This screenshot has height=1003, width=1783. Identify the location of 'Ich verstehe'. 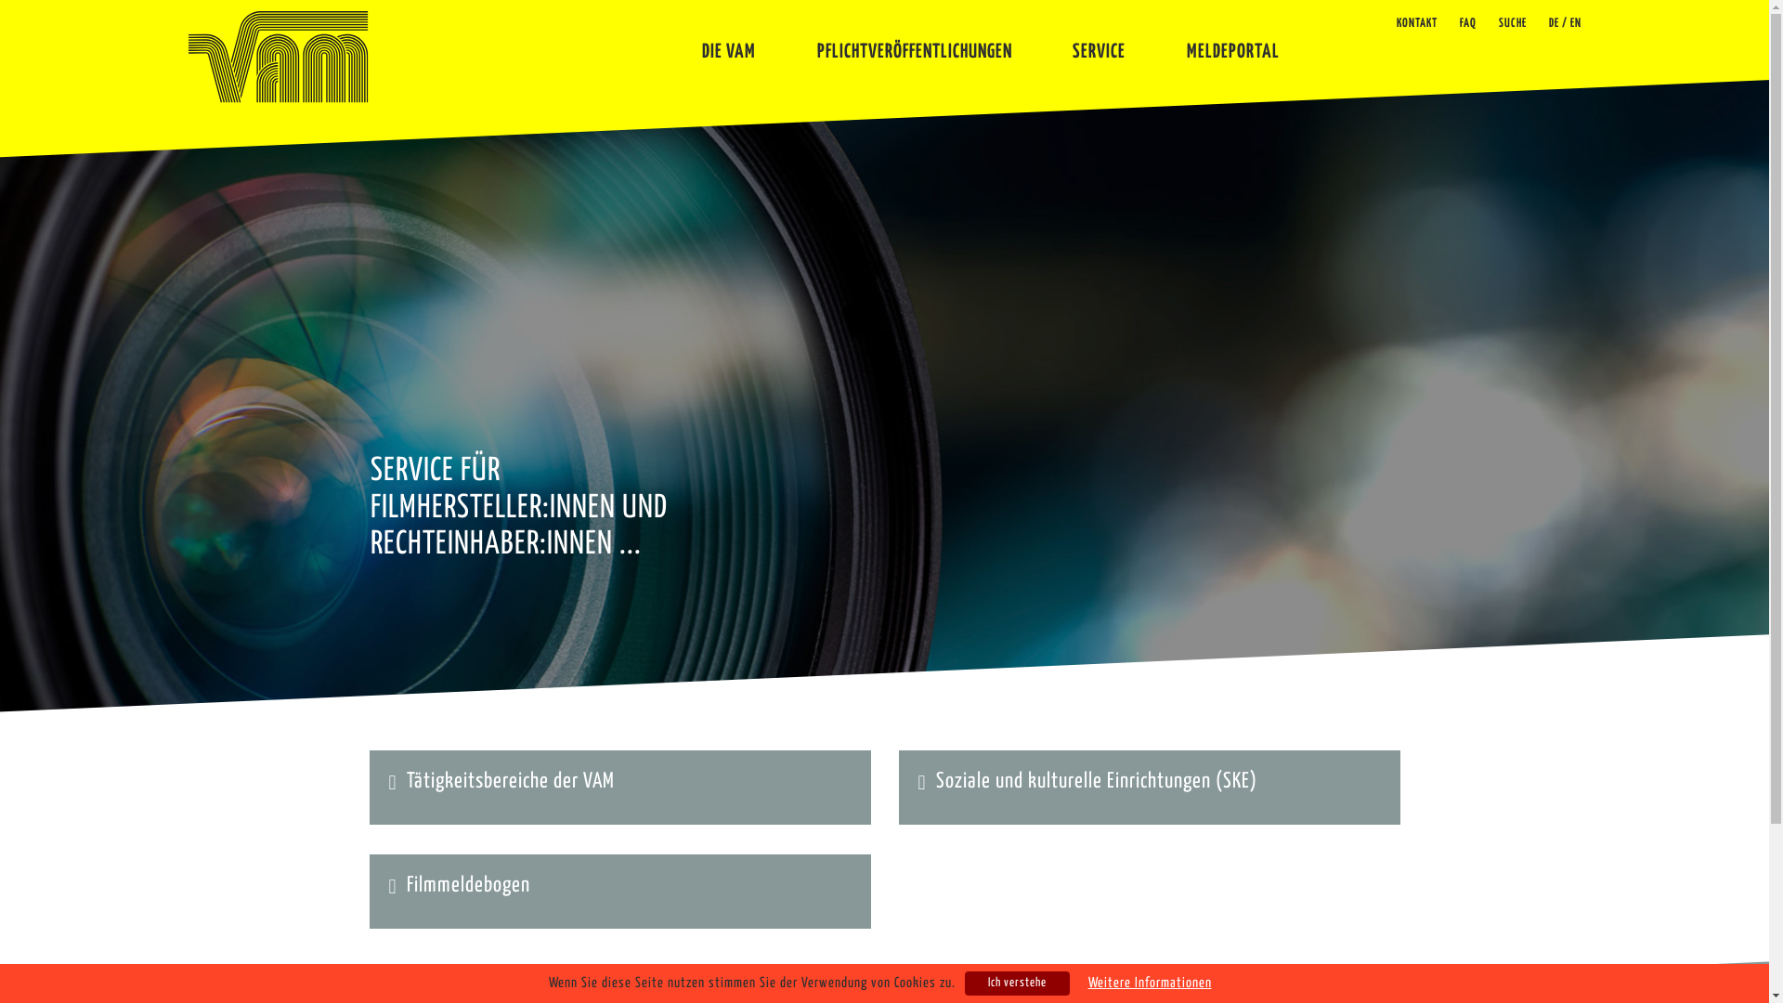
(1015, 983).